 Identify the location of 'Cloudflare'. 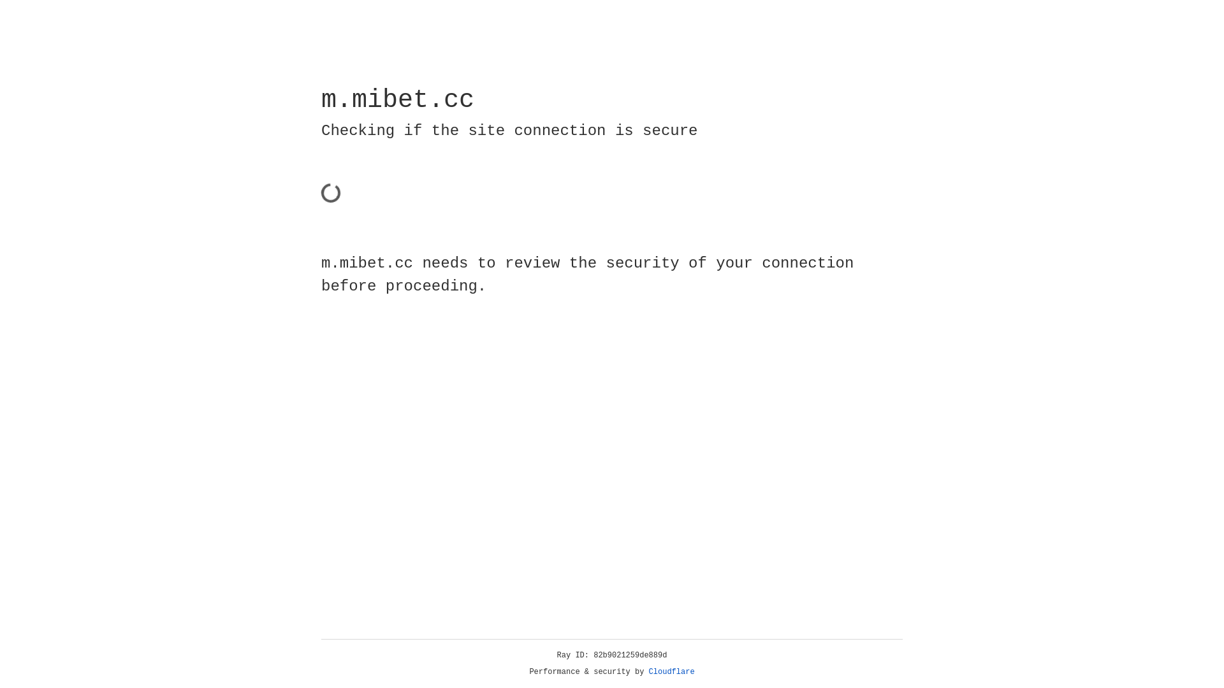
(671, 671).